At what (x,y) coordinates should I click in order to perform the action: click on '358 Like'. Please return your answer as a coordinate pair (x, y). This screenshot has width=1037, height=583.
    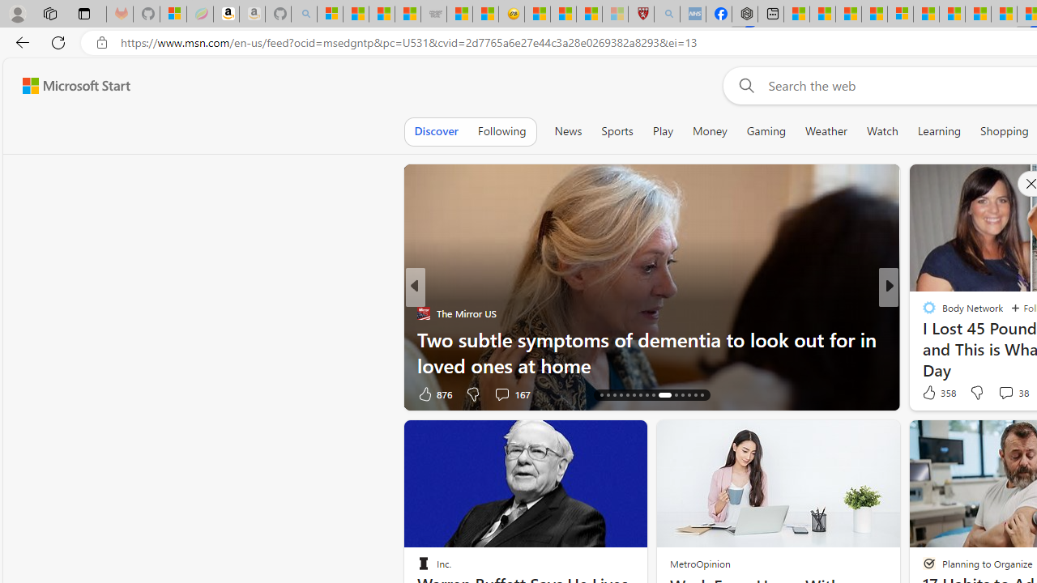
    Looking at the image, I should click on (937, 392).